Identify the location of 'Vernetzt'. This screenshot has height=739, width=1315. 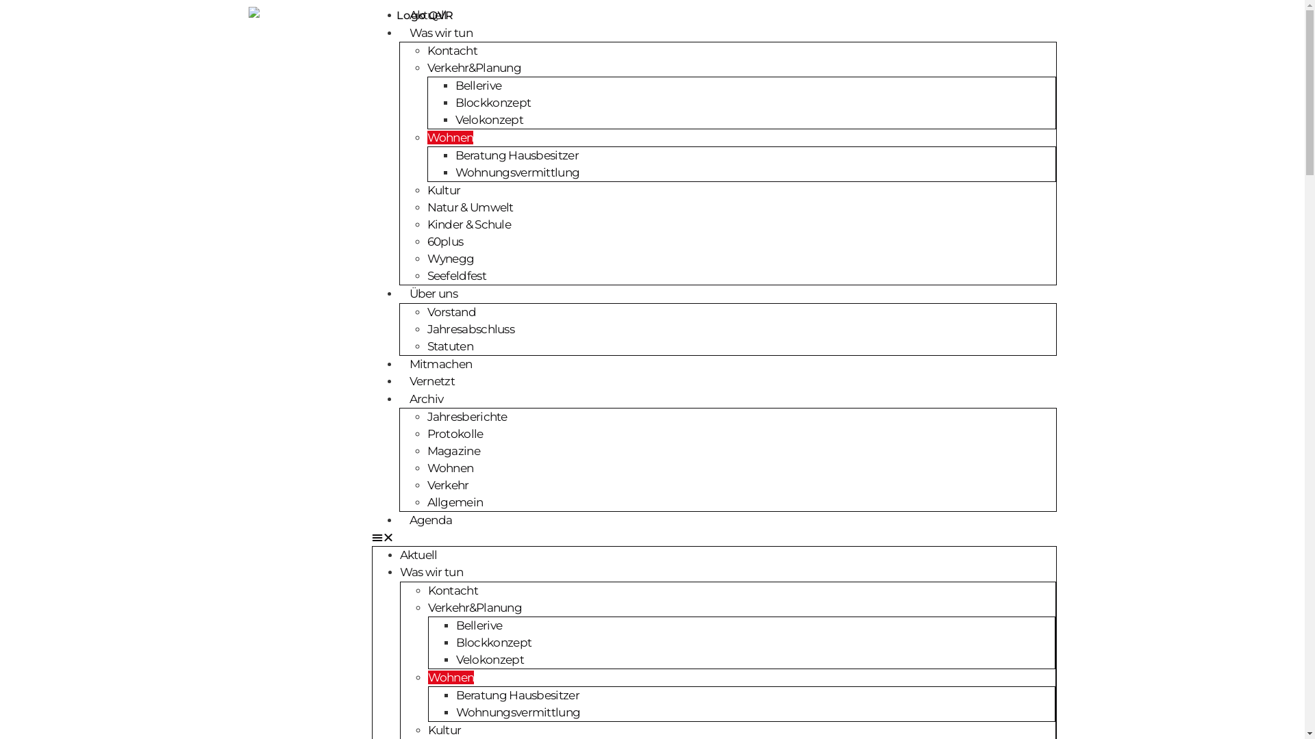
(430, 380).